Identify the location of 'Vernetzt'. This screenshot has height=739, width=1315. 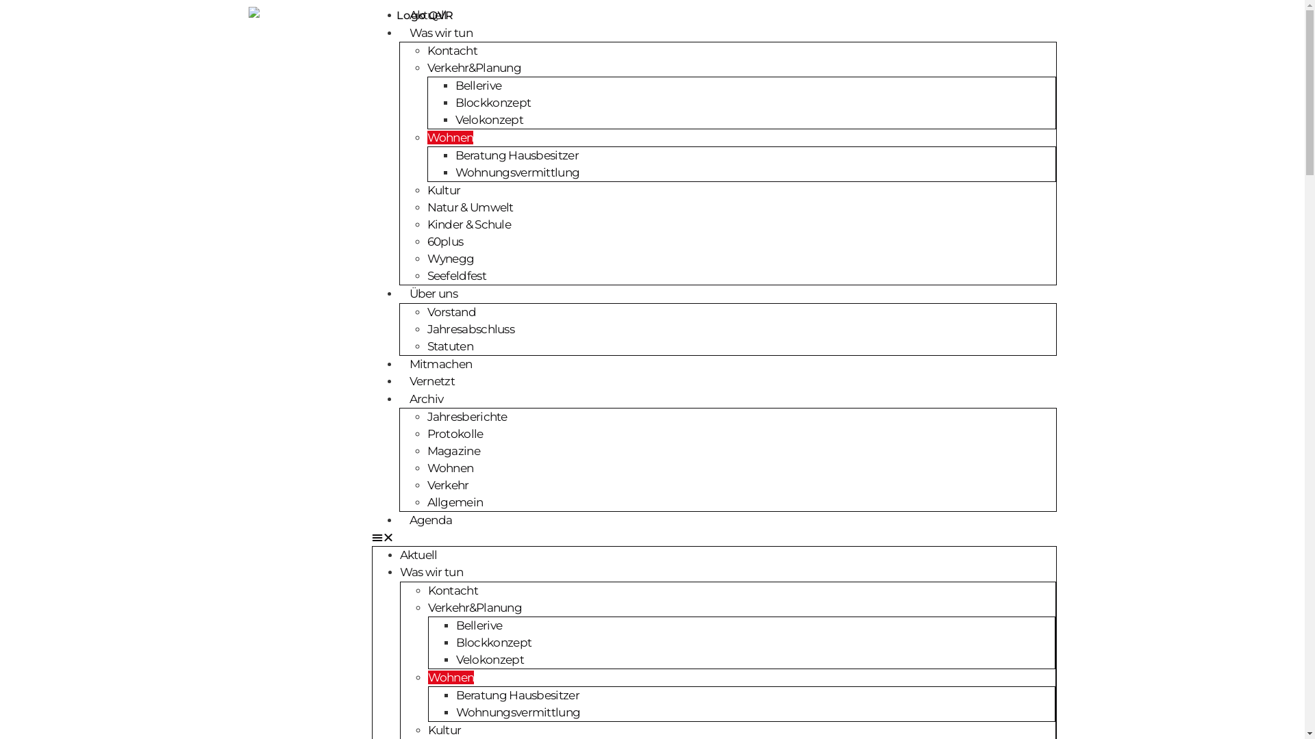
(430, 380).